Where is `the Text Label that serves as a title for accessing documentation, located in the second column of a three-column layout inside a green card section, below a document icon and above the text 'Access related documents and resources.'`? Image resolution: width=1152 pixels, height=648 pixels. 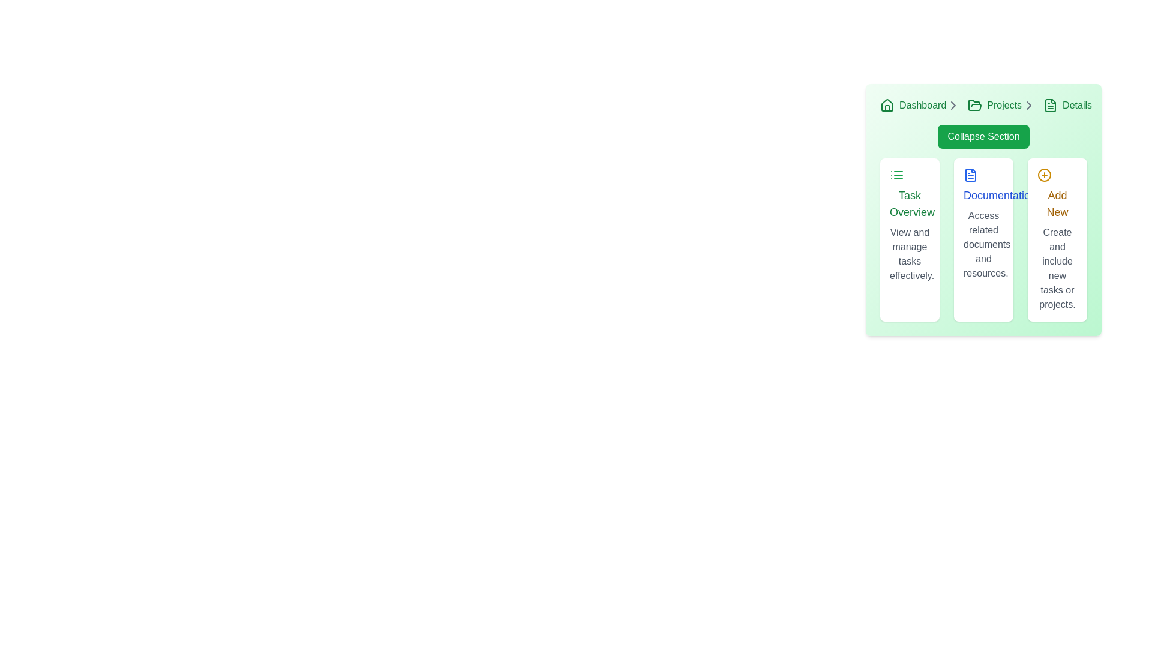 the Text Label that serves as a title for accessing documentation, located in the second column of a three-column layout inside a green card section, below a document icon and above the text 'Access related documents and resources.' is located at coordinates (983, 195).